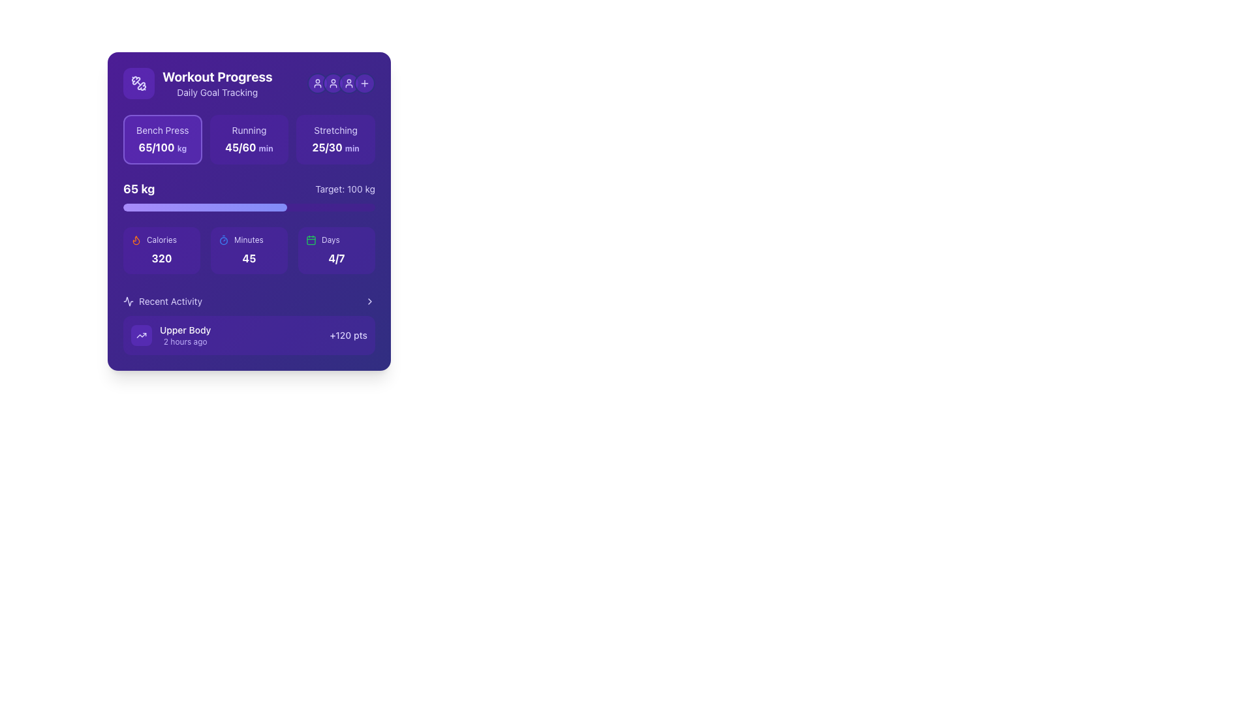 The image size is (1253, 705). I want to click on the informational card panel displaying 'Calories' with a flame icon, which has a violet background and shows '320' in bold white text, located in the first column of the layout, so click(161, 251).